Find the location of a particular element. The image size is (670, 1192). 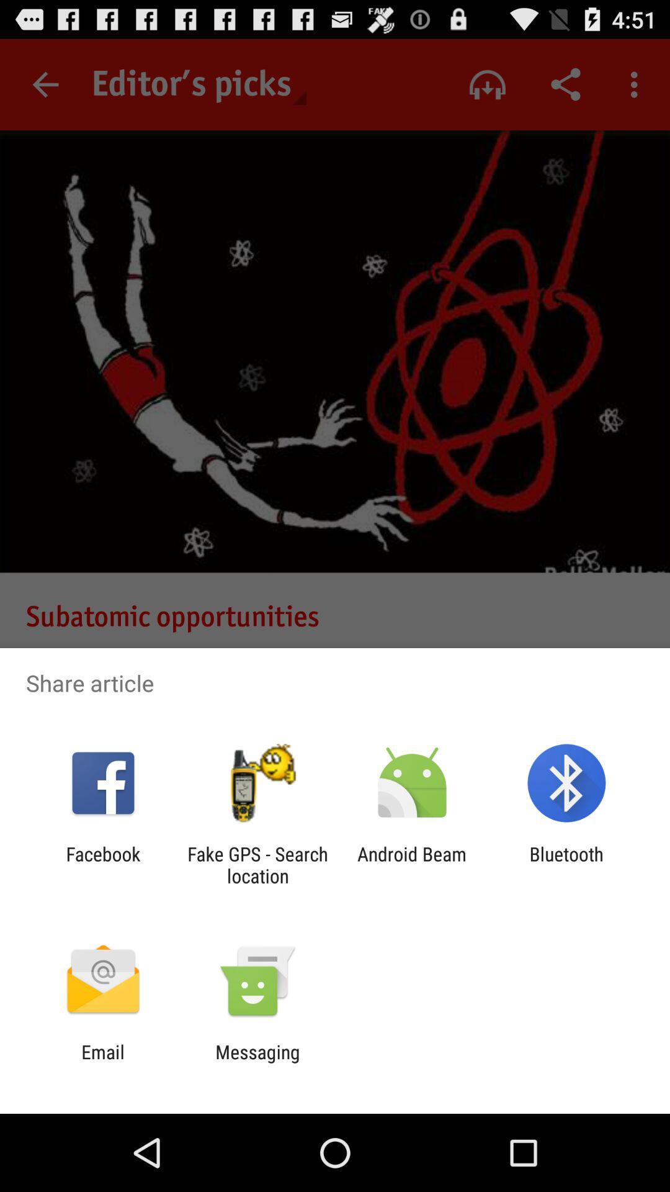

the facebook icon is located at coordinates (102, 864).